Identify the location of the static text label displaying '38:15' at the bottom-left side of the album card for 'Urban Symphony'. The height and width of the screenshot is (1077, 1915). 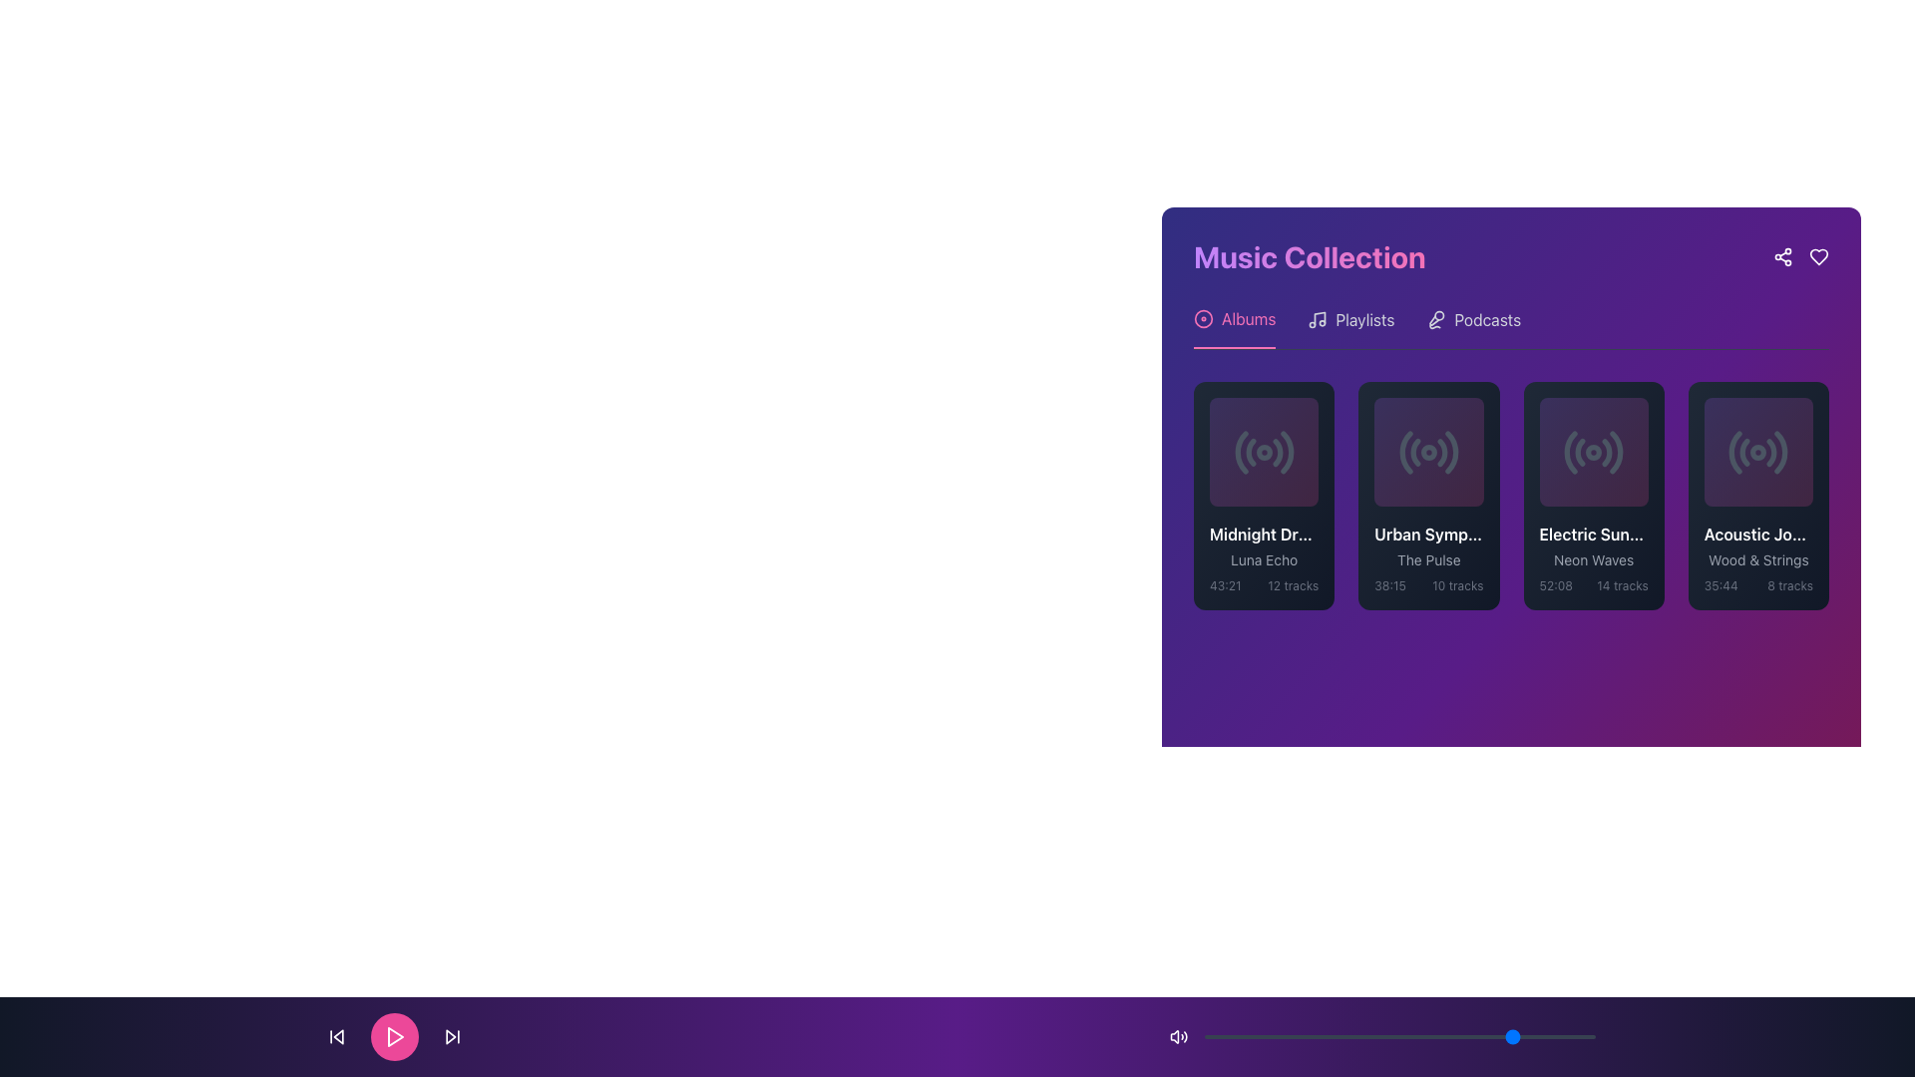
(1389, 585).